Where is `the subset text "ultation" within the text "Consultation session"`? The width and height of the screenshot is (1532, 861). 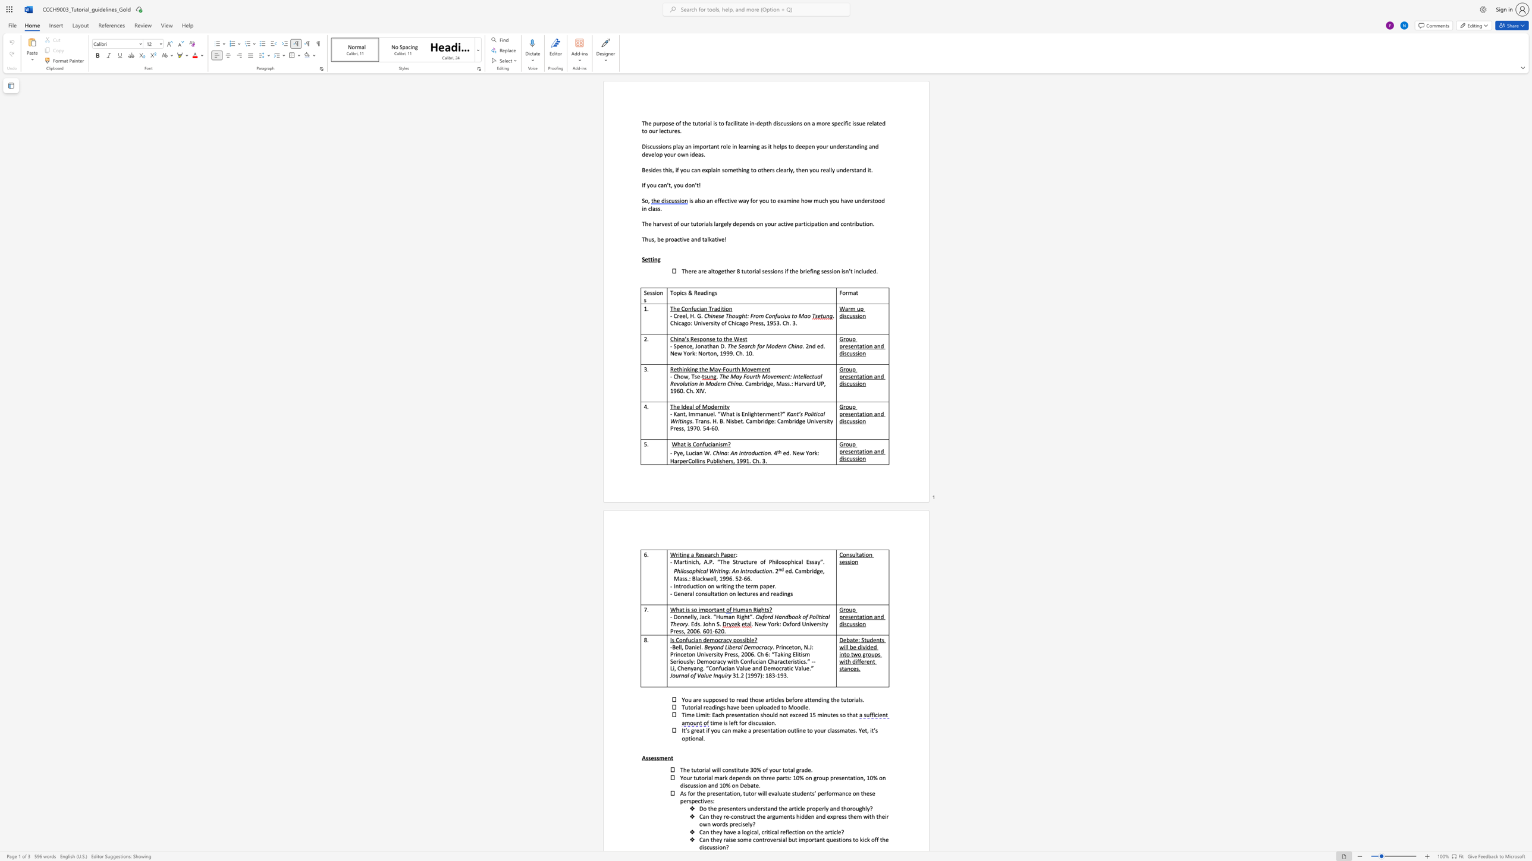 the subset text "ultation" within the text "Consultation session" is located at coordinates (852, 554).